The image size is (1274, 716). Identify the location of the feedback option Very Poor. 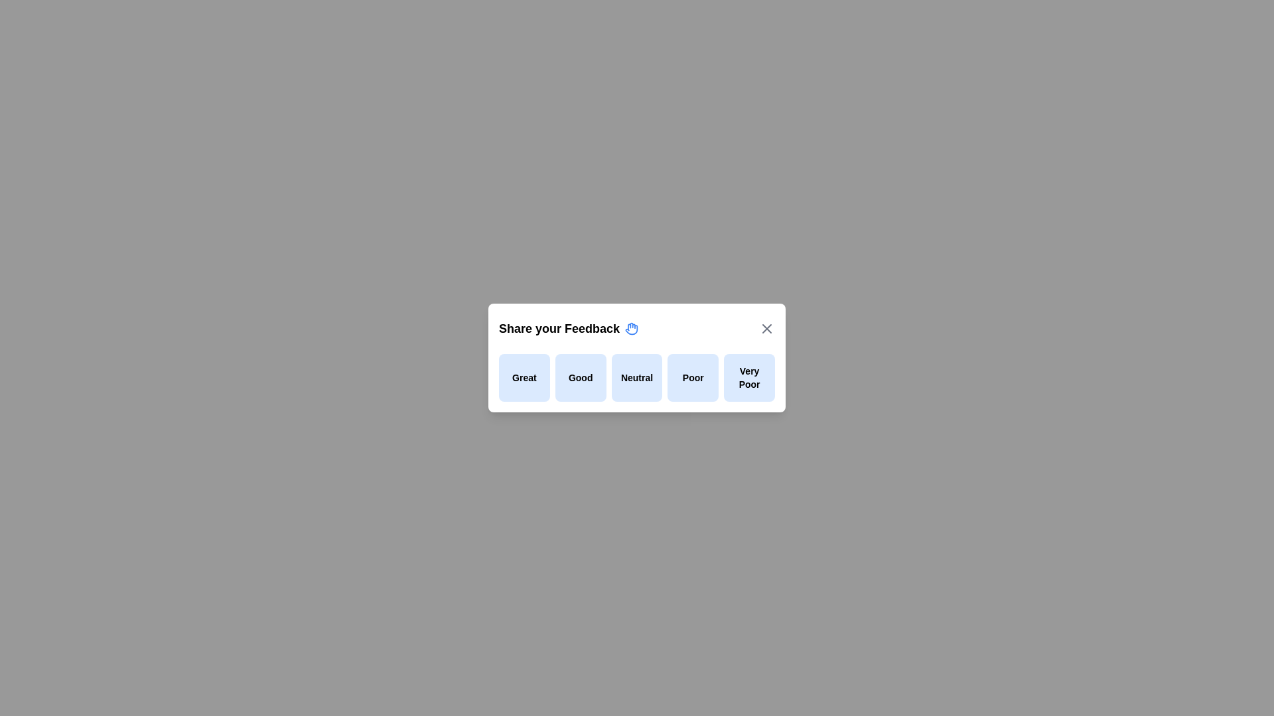
(749, 378).